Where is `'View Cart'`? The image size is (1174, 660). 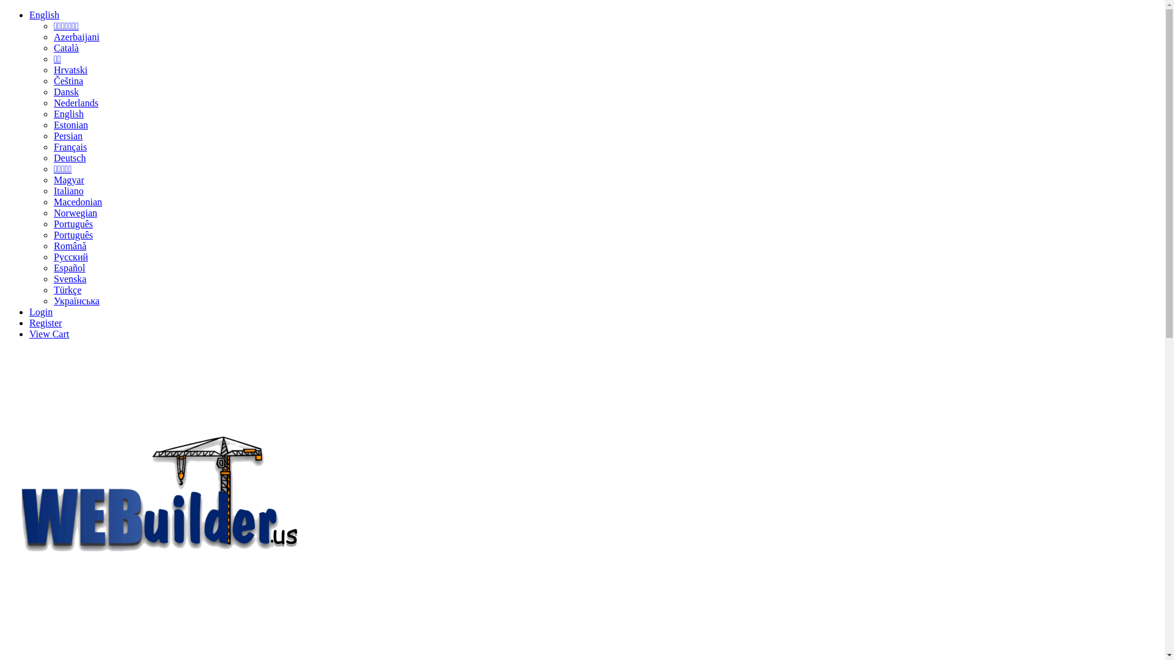
'View Cart' is located at coordinates (49, 334).